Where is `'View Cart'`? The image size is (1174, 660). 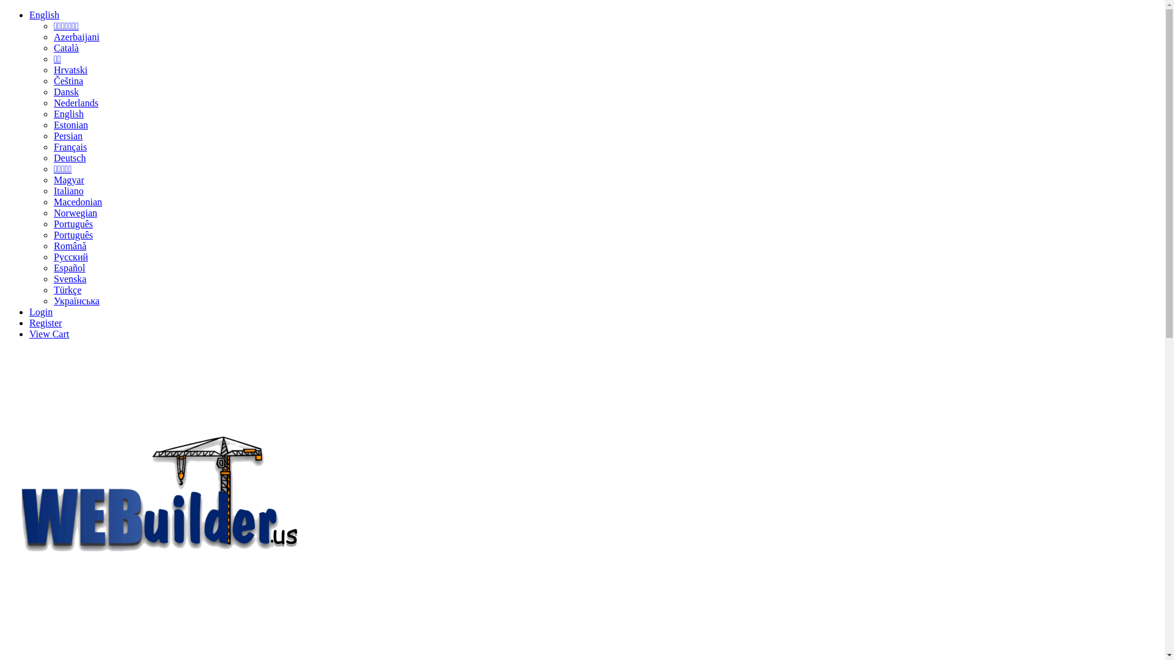
'View Cart' is located at coordinates (49, 334).